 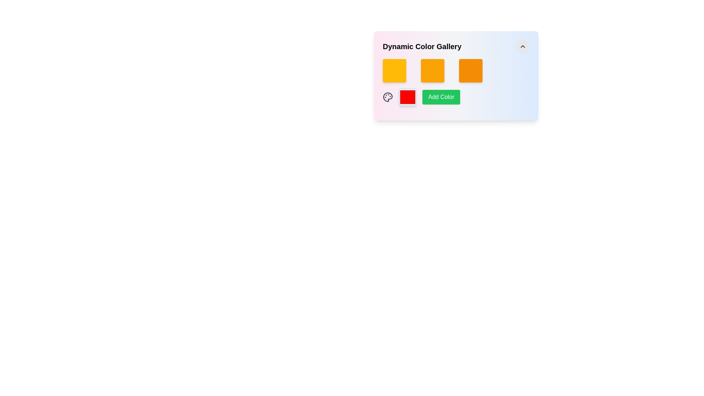 What do you see at coordinates (470, 70) in the screenshot?
I see `the third square with a rounded border and solid orange color in the 'Dynamic Color Gallery' section at the top of the interface` at bounding box center [470, 70].